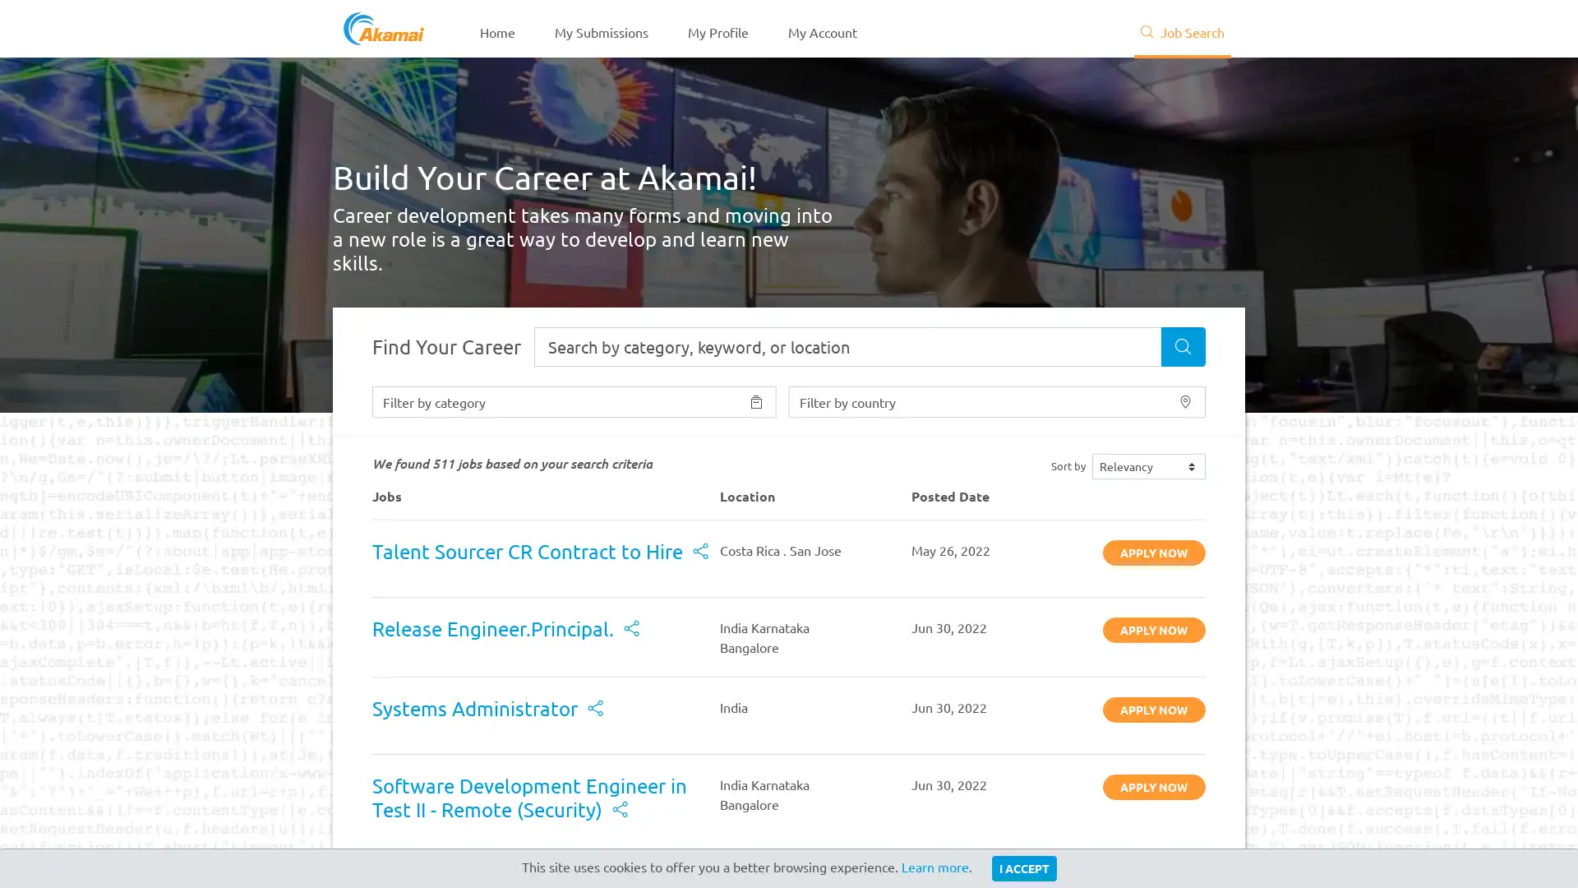  What do you see at coordinates (630, 629) in the screenshot?
I see `Share Release Engineer.Principal.` at bounding box center [630, 629].